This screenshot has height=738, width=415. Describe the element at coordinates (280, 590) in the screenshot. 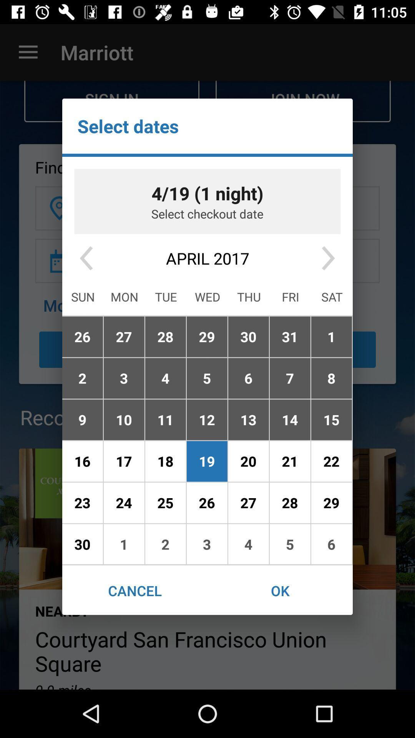

I see `the ok` at that location.